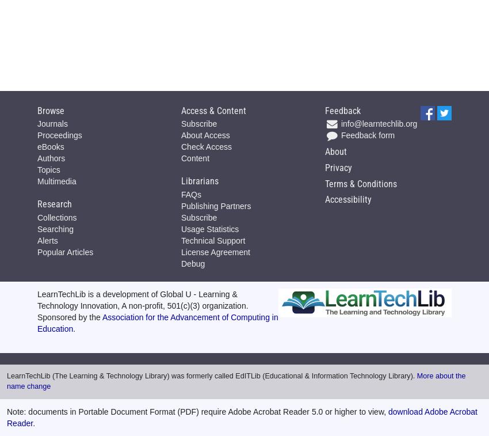  I want to click on 'Collections', so click(56, 216).